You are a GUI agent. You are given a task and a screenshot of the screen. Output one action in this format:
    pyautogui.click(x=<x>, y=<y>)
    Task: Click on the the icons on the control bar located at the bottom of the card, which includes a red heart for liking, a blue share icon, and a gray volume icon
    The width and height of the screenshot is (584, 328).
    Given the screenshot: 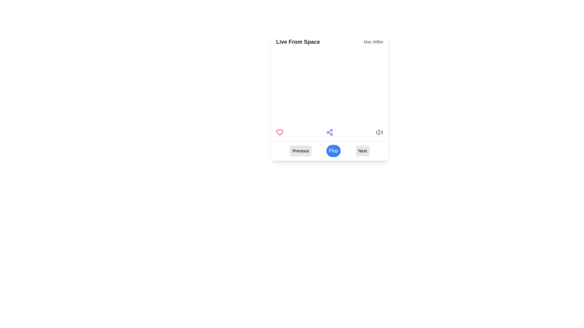 What is the action you would take?
    pyautogui.click(x=329, y=132)
    